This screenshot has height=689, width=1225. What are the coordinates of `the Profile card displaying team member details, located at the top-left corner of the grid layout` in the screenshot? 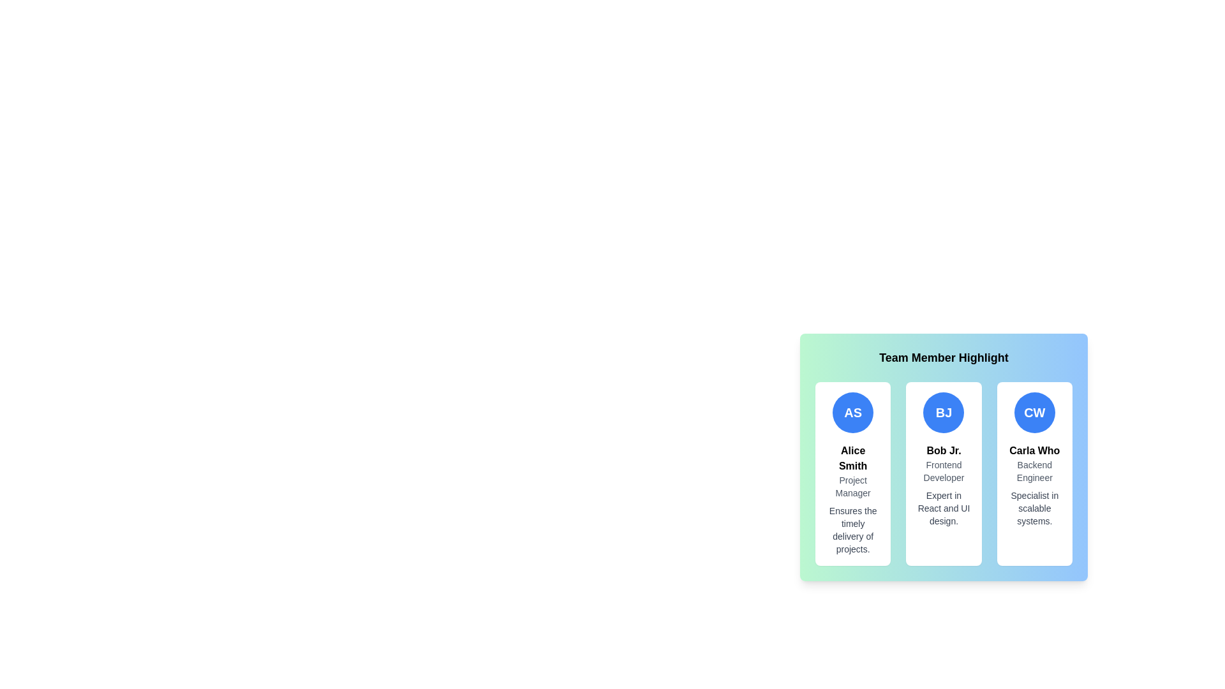 It's located at (853, 474).